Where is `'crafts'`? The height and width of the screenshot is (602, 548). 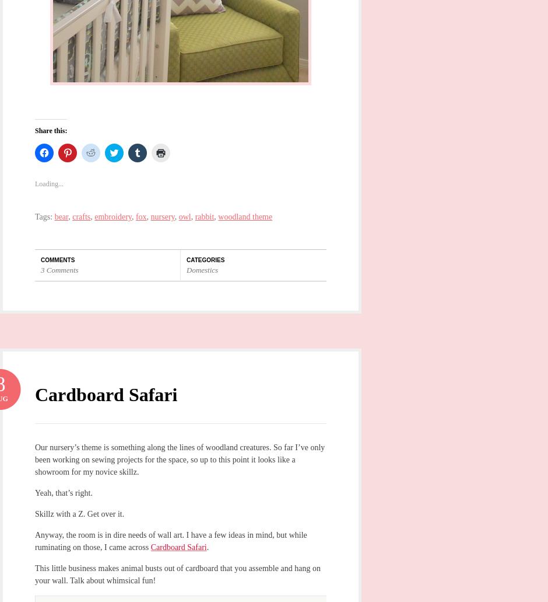 'crafts' is located at coordinates (80, 216).